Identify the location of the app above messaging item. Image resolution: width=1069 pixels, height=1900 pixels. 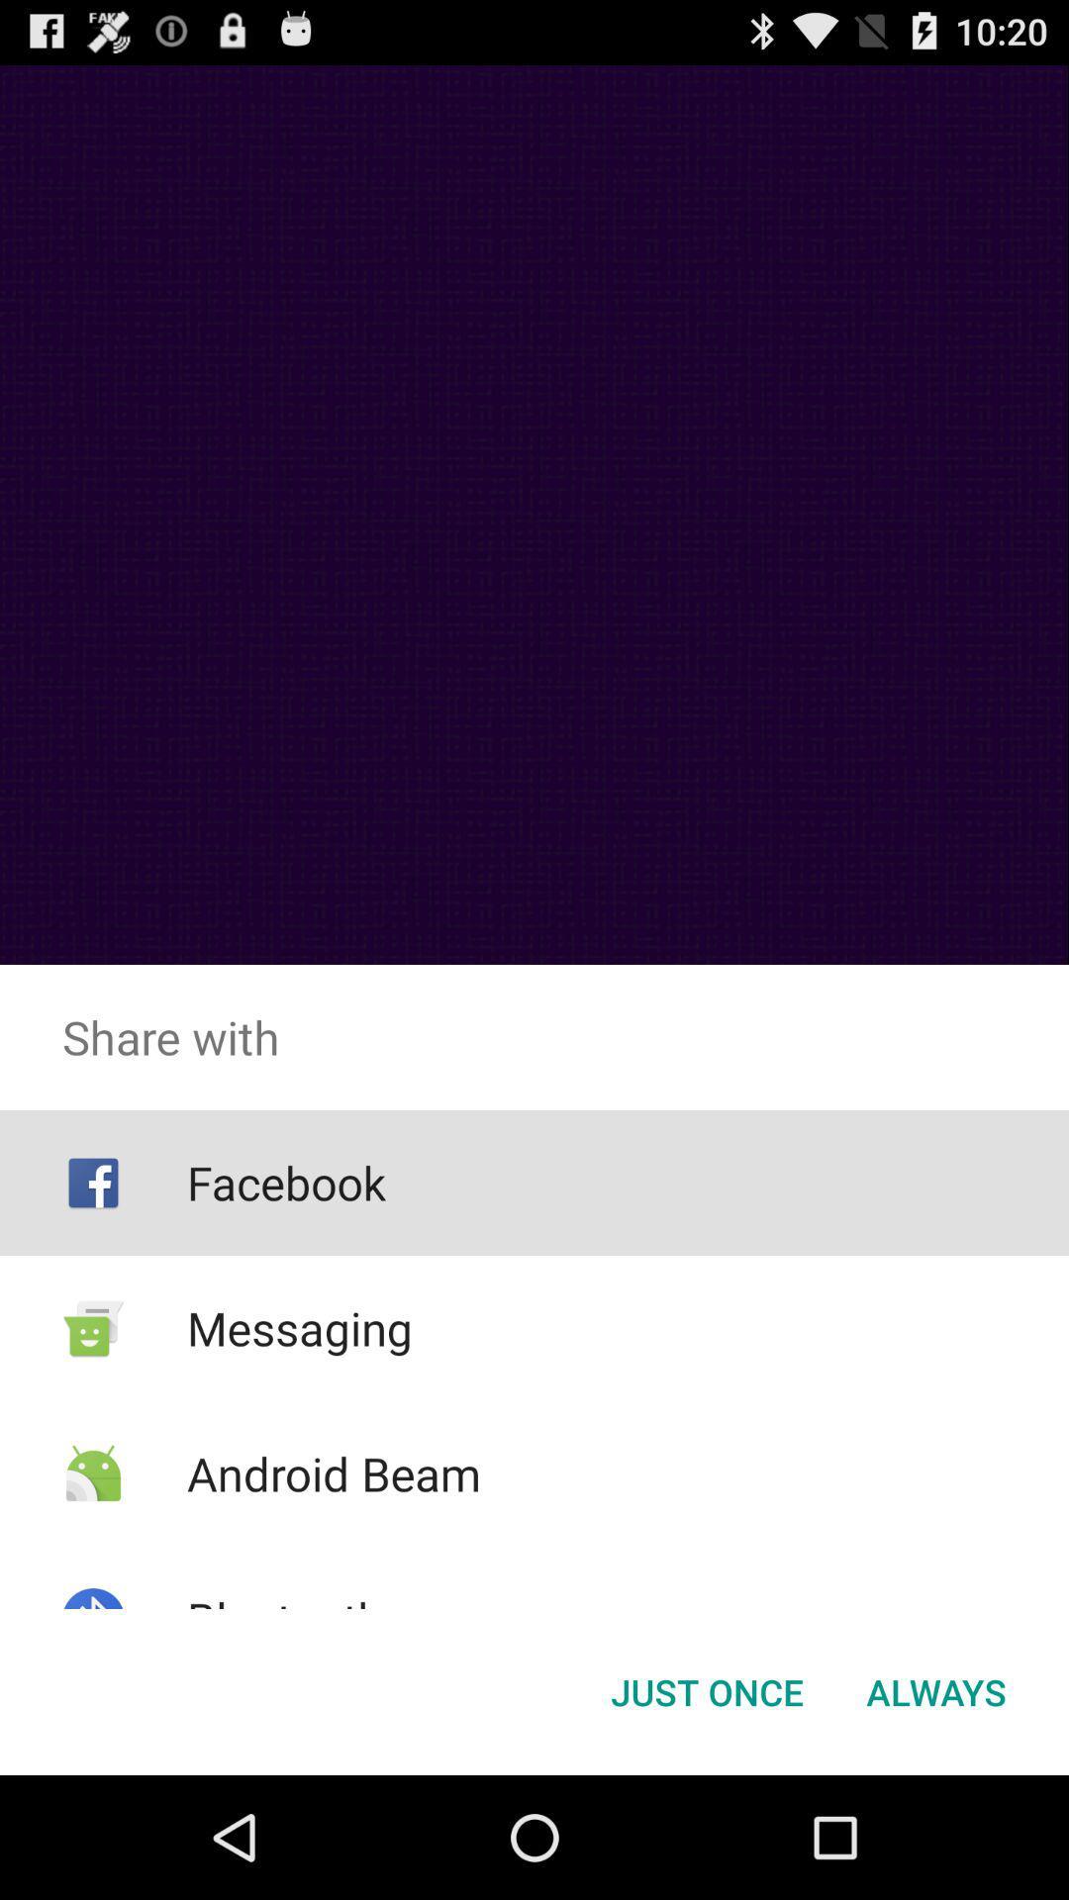
(286, 1183).